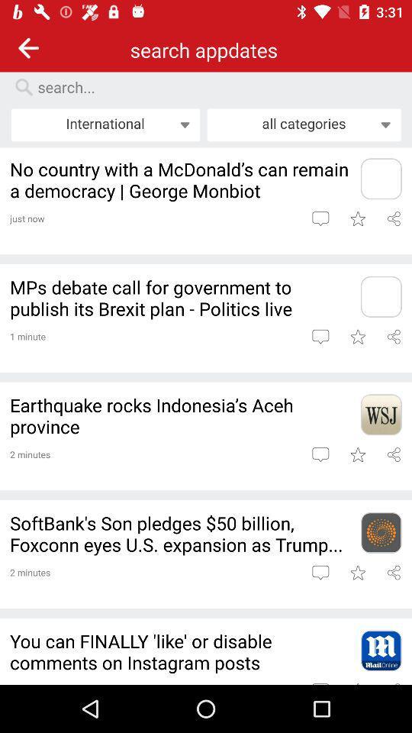  What do you see at coordinates (380, 650) in the screenshot?
I see `disable the comments` at bounding box center [380, 650].